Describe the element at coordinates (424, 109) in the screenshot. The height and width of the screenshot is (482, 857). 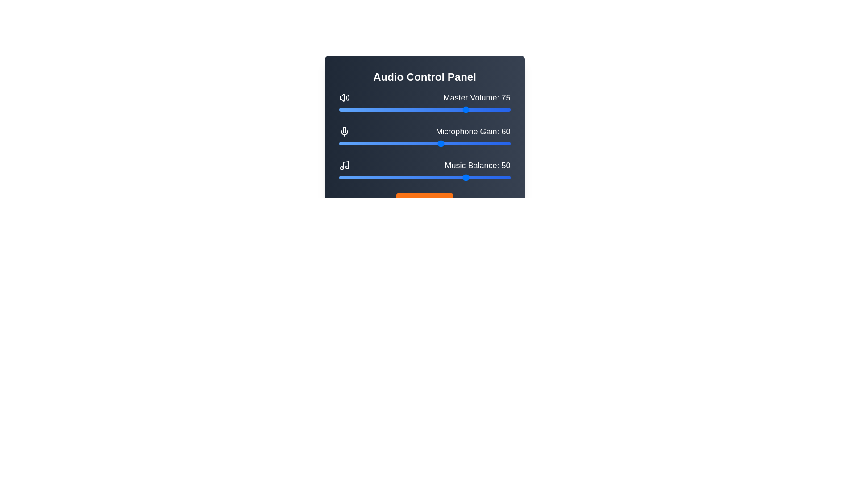
I see `the Master Volume slider to 50` at that location.